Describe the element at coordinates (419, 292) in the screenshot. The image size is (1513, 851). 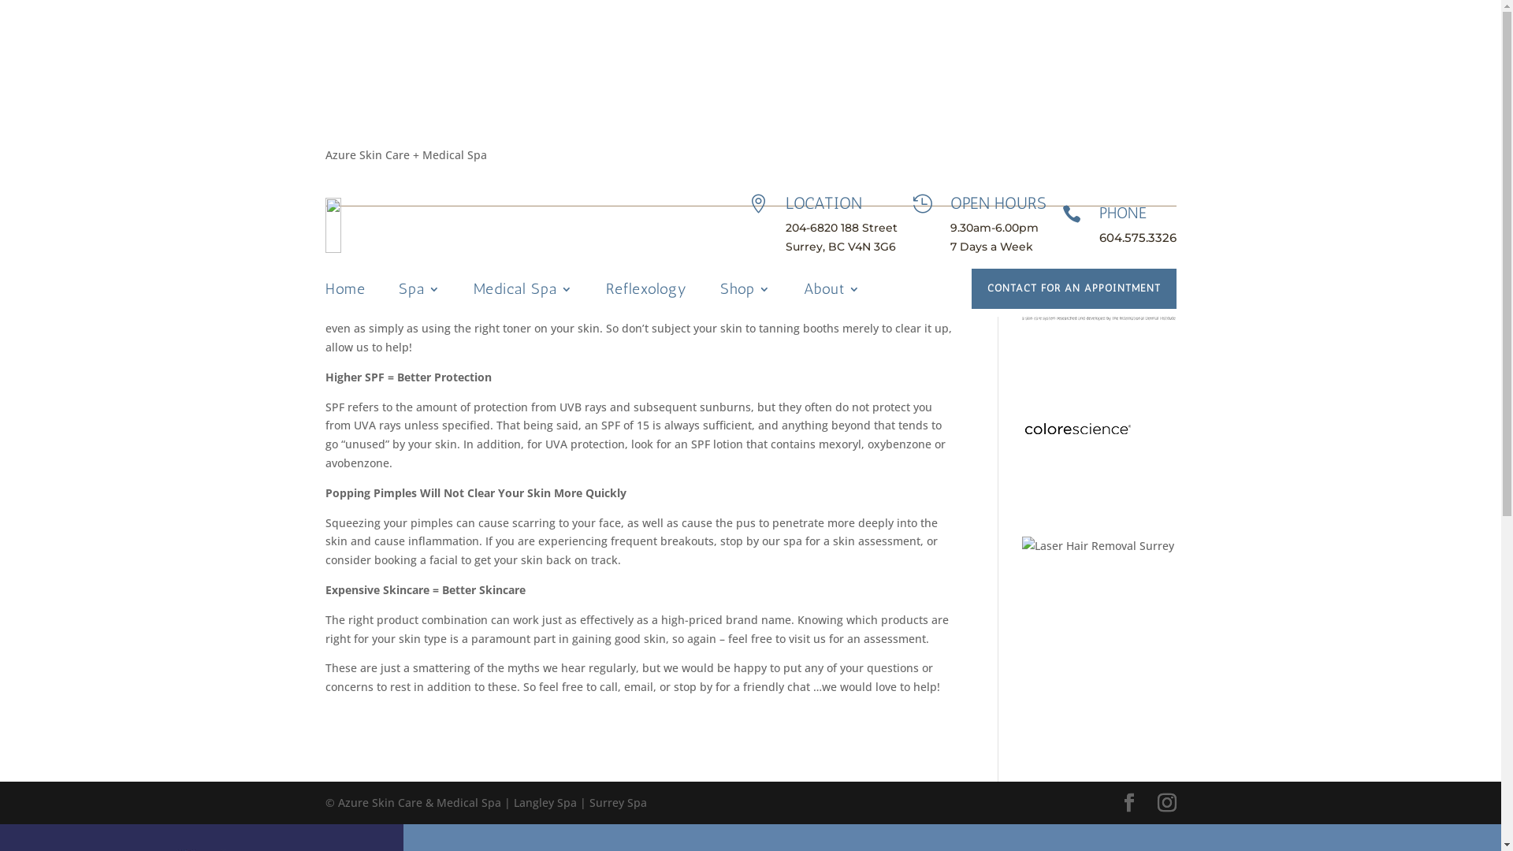
I see `'Spa'` at that location.